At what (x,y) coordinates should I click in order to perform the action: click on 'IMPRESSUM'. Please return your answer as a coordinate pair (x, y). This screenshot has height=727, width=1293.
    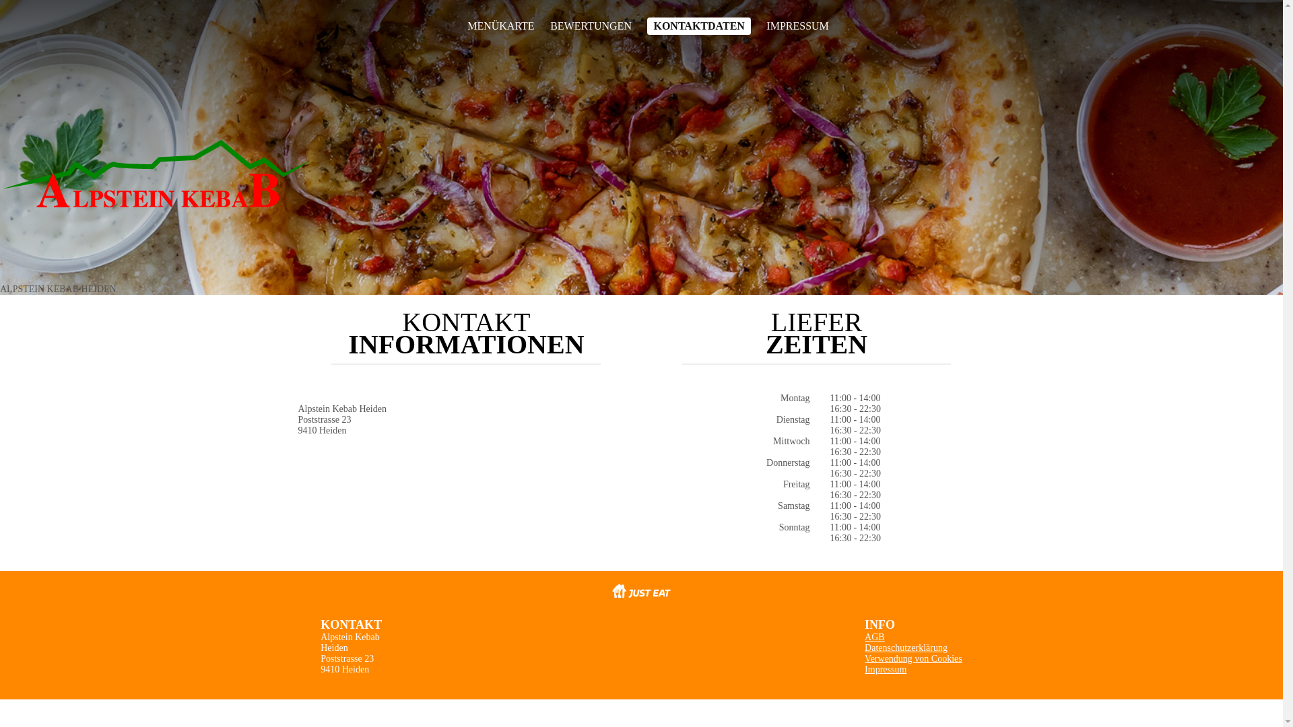
    Looking at the image, I should click on (766, 26).